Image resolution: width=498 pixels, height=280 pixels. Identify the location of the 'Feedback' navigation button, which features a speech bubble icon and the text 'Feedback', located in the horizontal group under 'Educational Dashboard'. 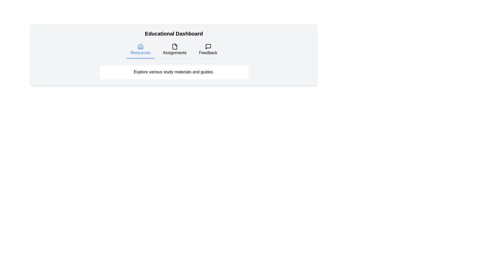
(208, 50).